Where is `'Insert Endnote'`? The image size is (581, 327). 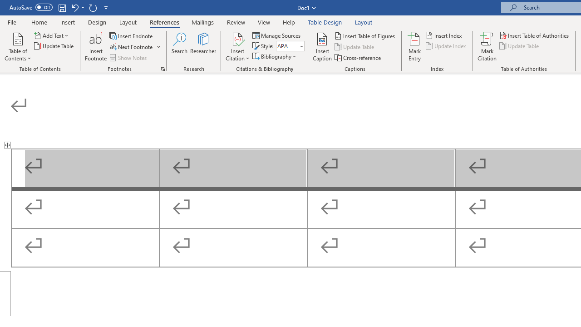 'Insert Endnote' is located at coordinates (131, 35).